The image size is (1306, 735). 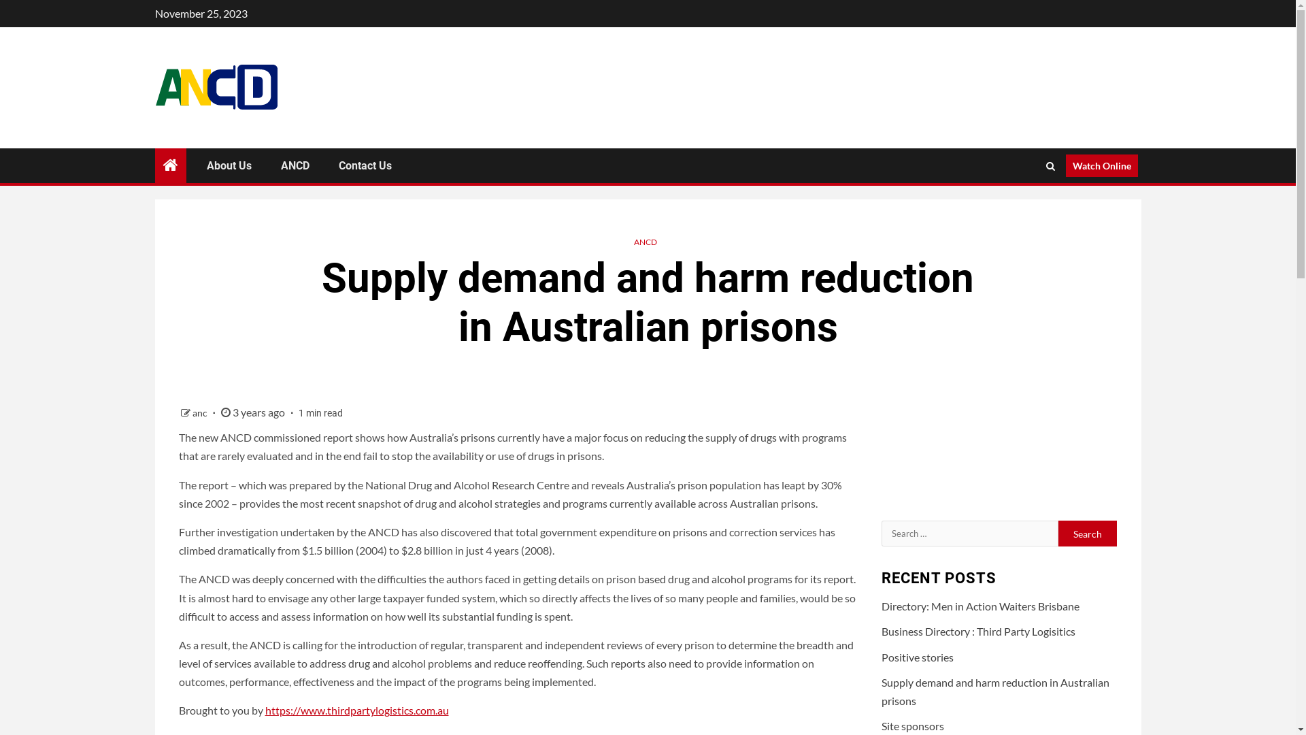 What do you see at coordinates (1101, 165) in the screenshot?
I see `'Watch Online'` at bounding box center [1101, 165].